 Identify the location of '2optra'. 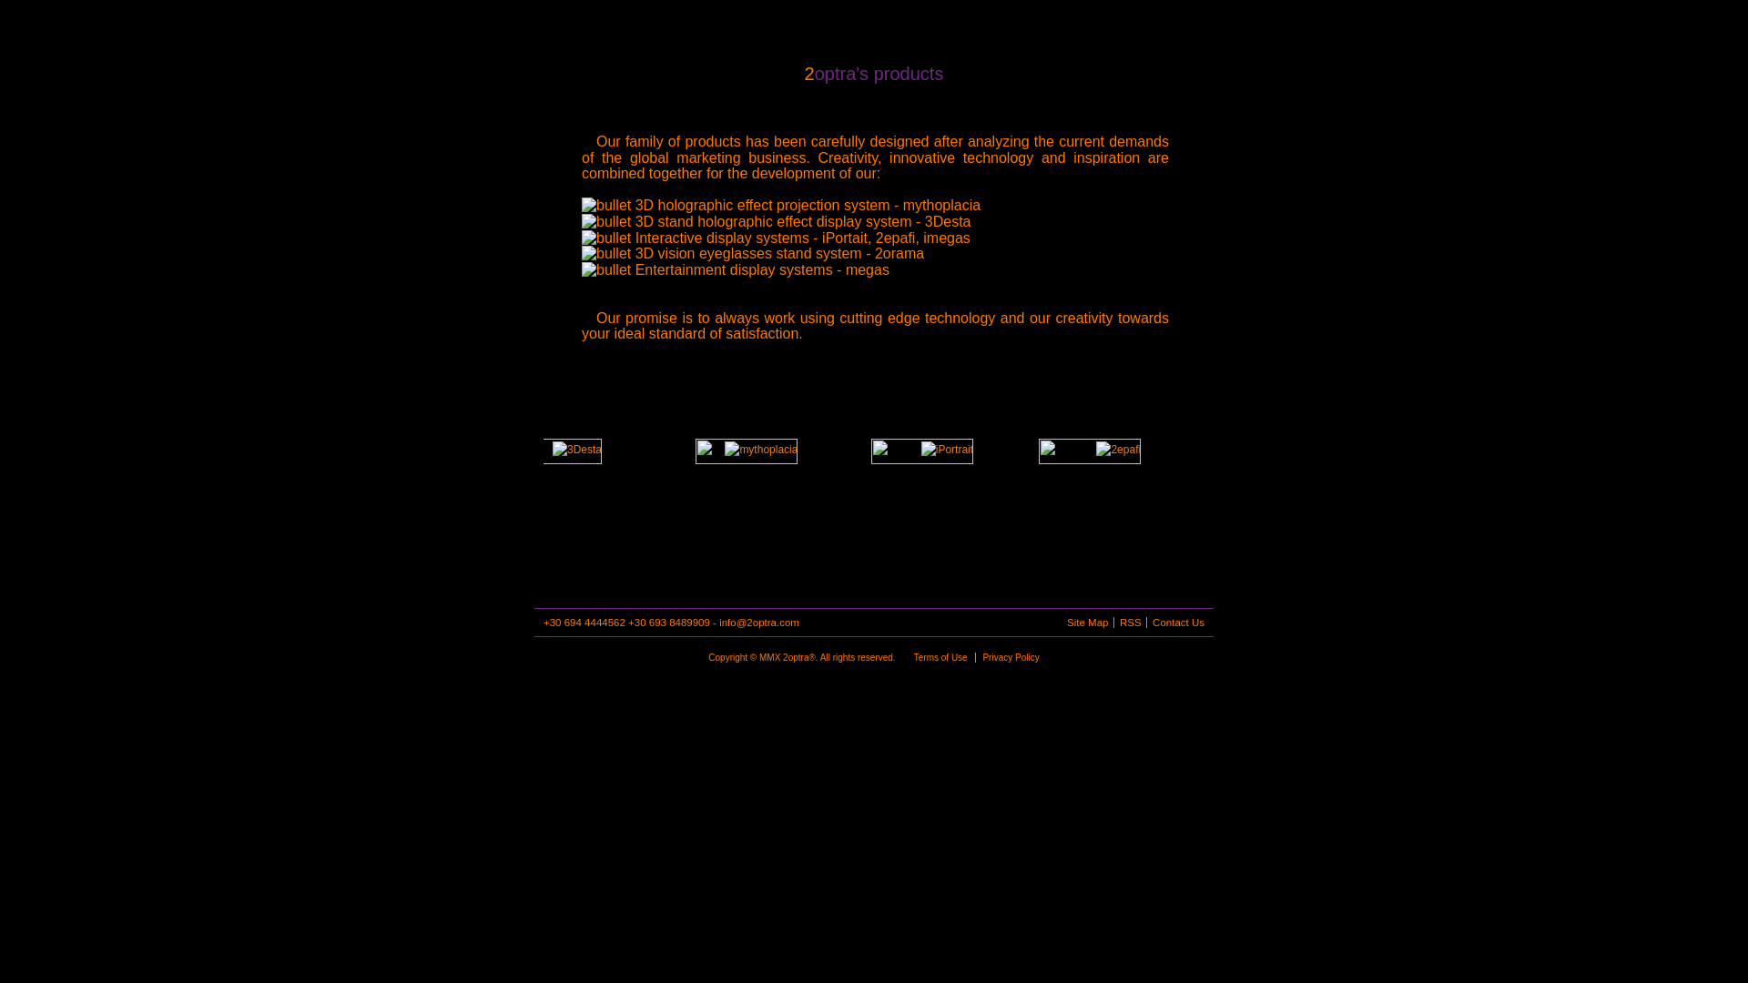
(586, 25).